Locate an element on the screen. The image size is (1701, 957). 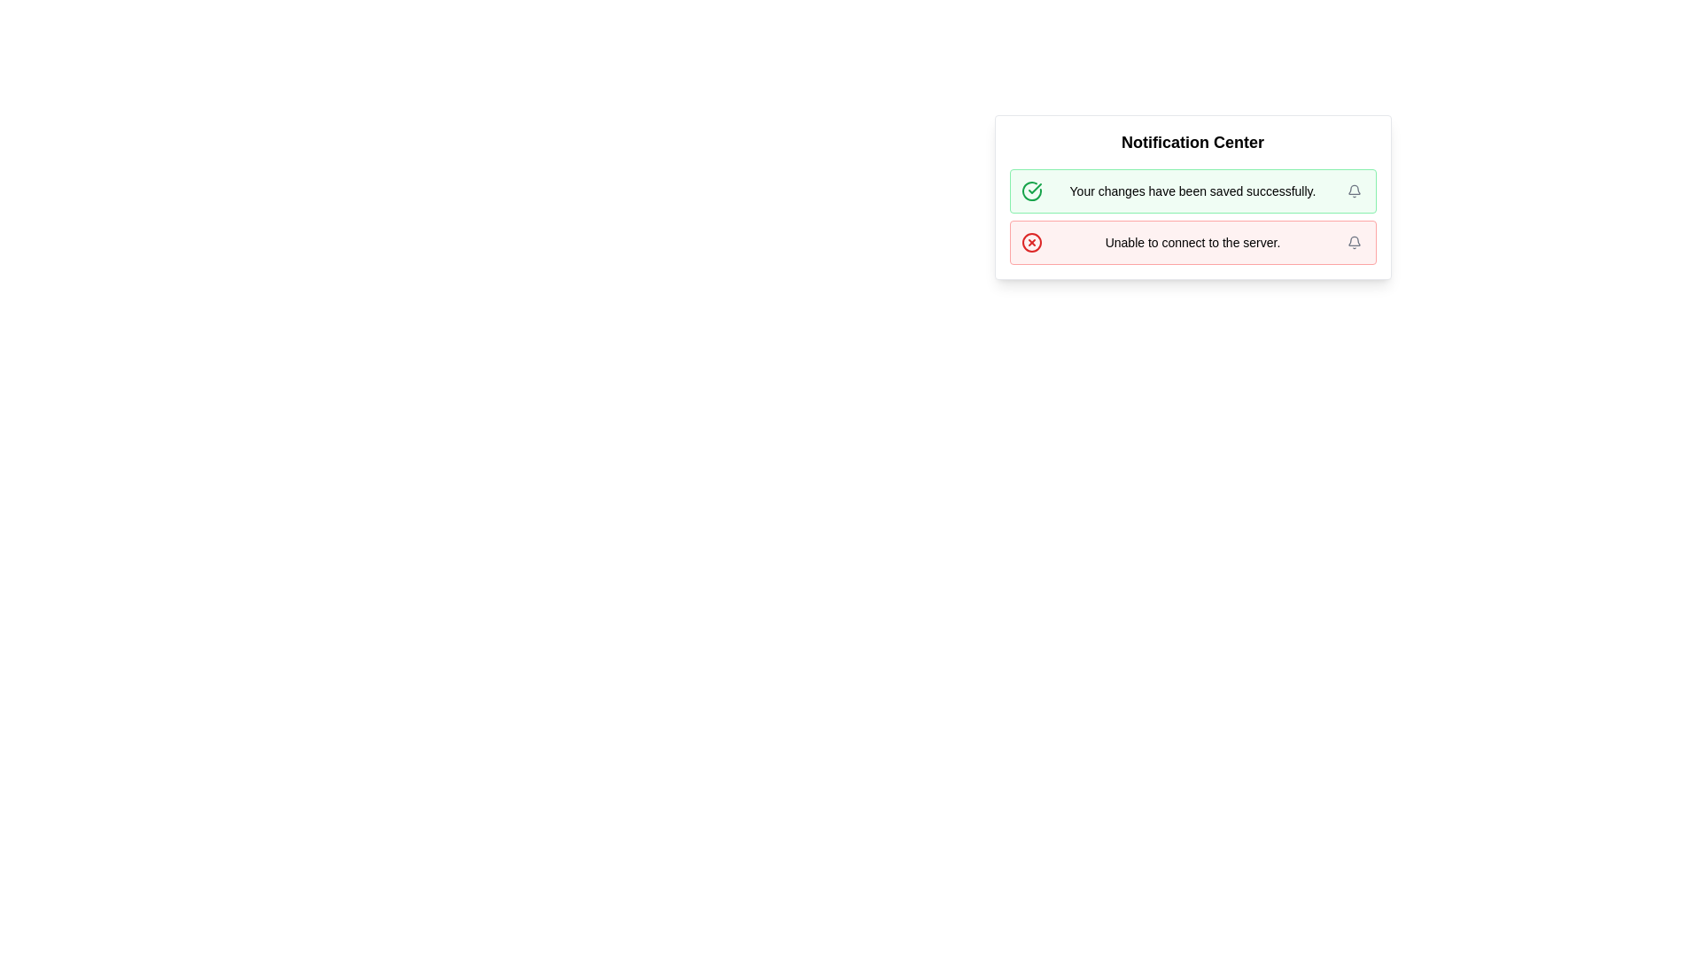
the error icon located to the left of the notification message 'Unable to connect to the server.' within the notification box with a red background border is located at coordinates (1031, 242).